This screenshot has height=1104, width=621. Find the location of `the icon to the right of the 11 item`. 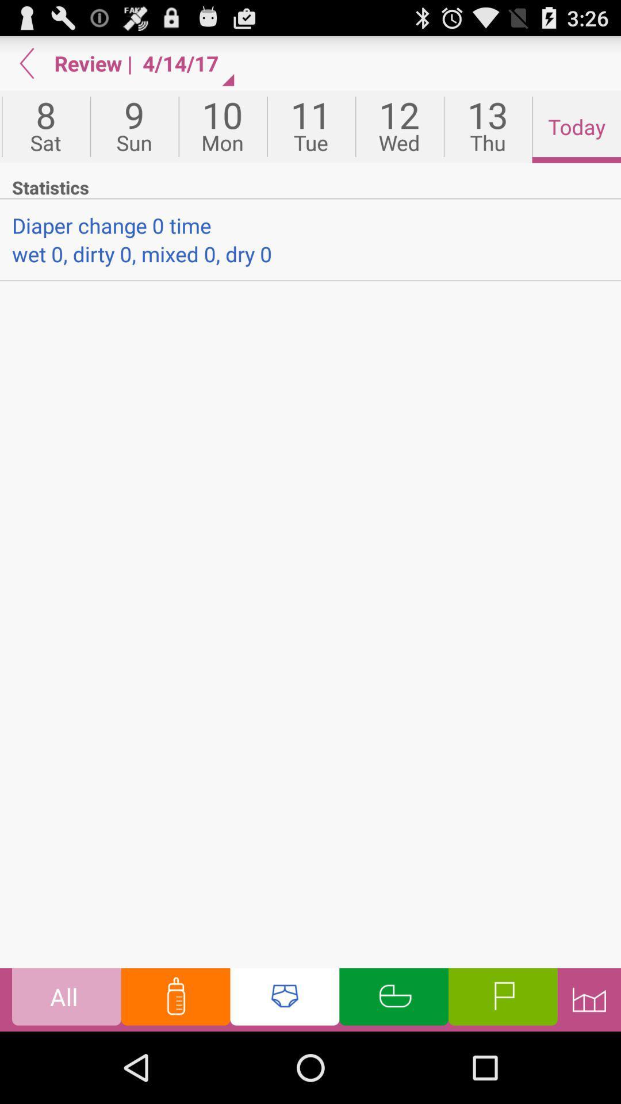

the icon to the right of the 11 item is located at coordinates (398, 126).